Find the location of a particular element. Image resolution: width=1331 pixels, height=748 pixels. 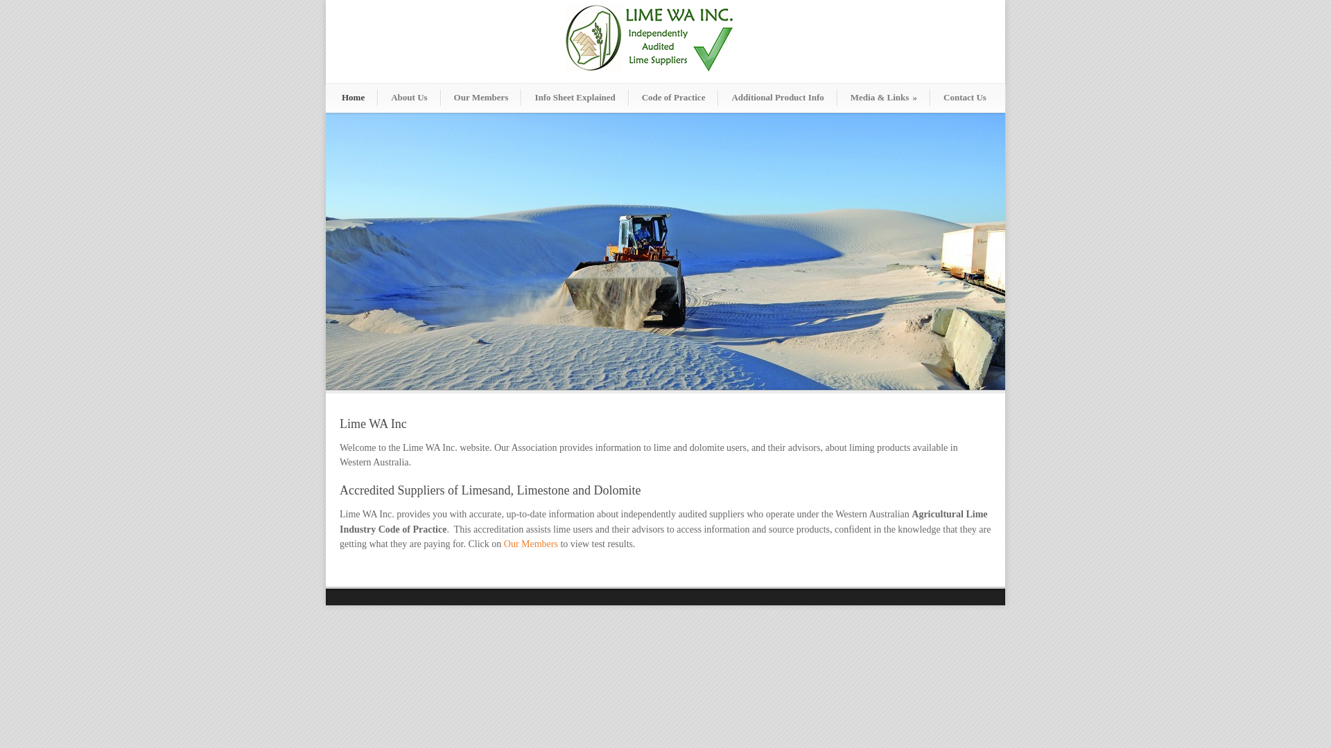

'Code of Practice' is located at coordinates (674, 97).